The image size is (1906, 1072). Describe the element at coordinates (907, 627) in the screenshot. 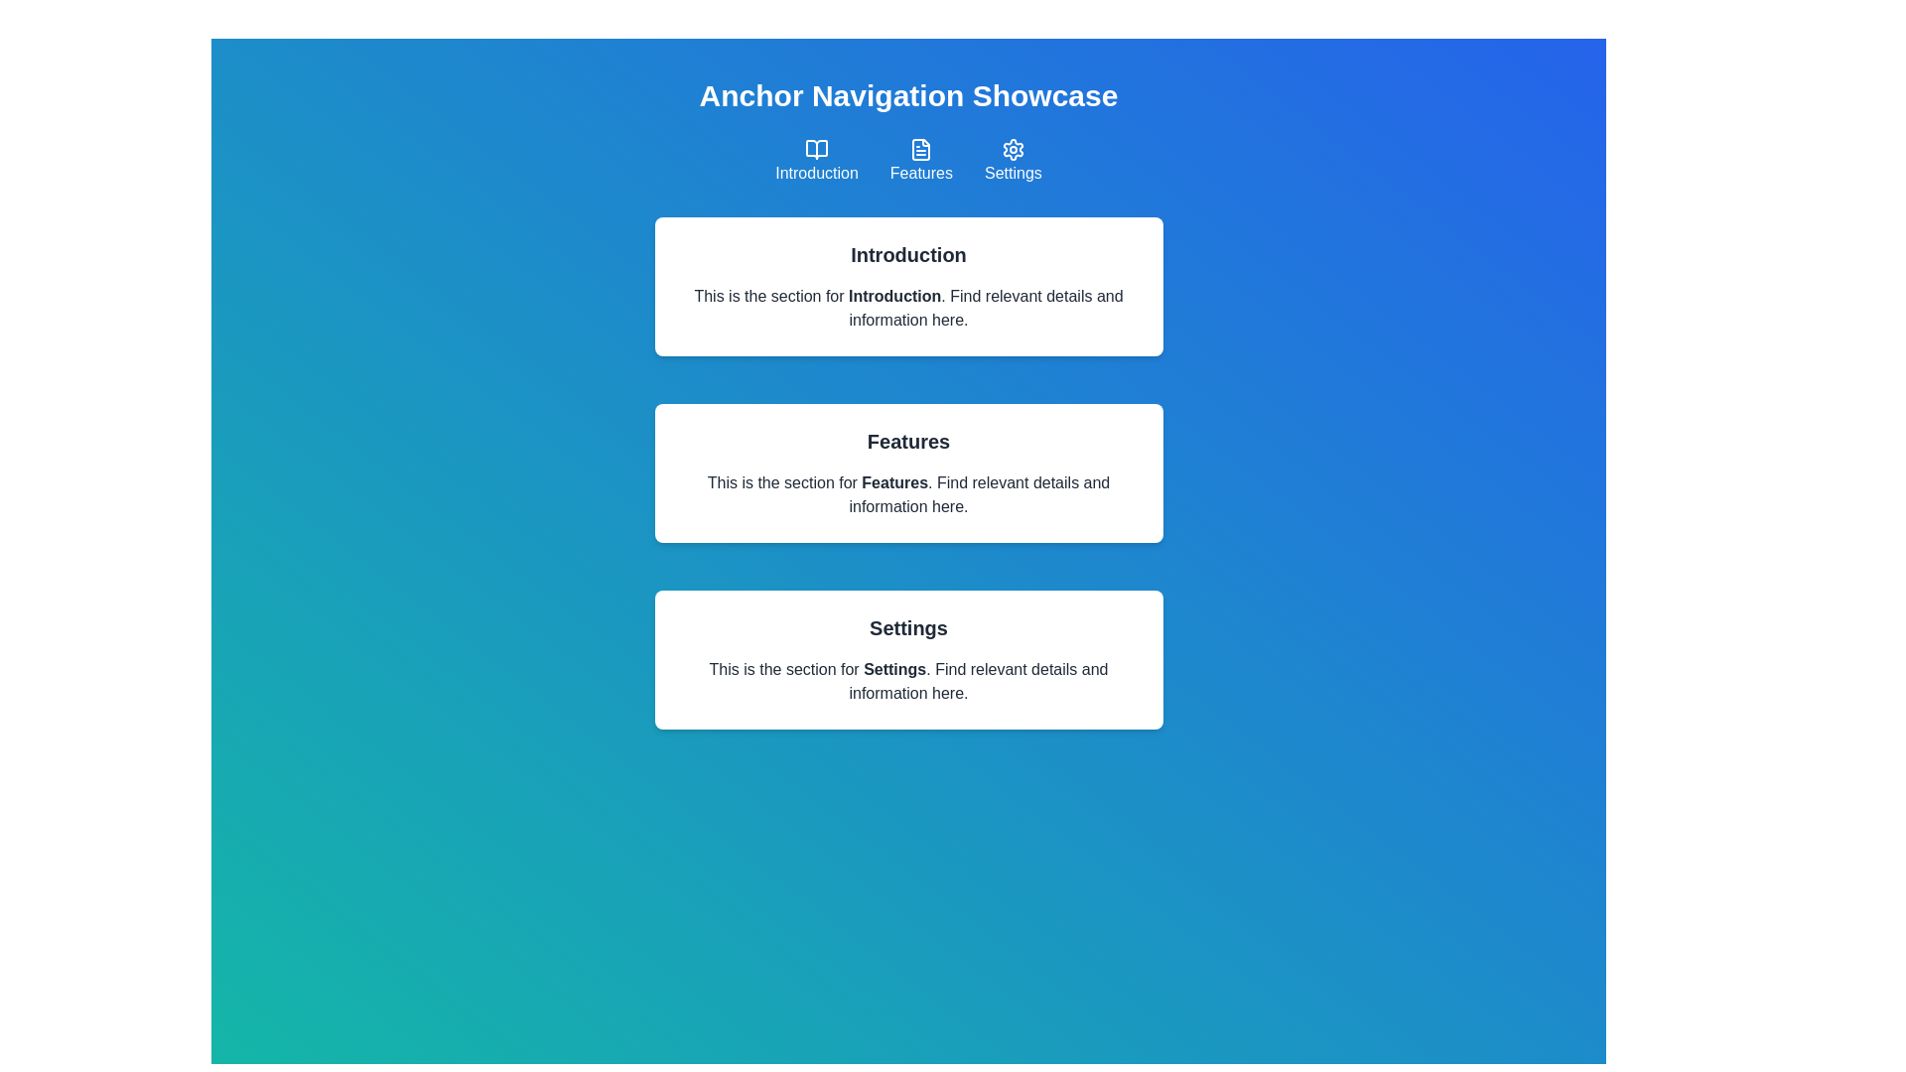

I see `text from the 'Settings' label, which is a bold and large text positioned at the top of a content card, beneath the 'Introduction' and 'Features' headings` at that location.